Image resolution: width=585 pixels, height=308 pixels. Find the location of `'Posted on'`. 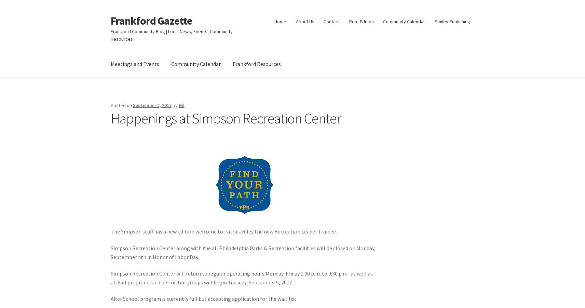

'Posted on' is located at coordinates (122, 105).